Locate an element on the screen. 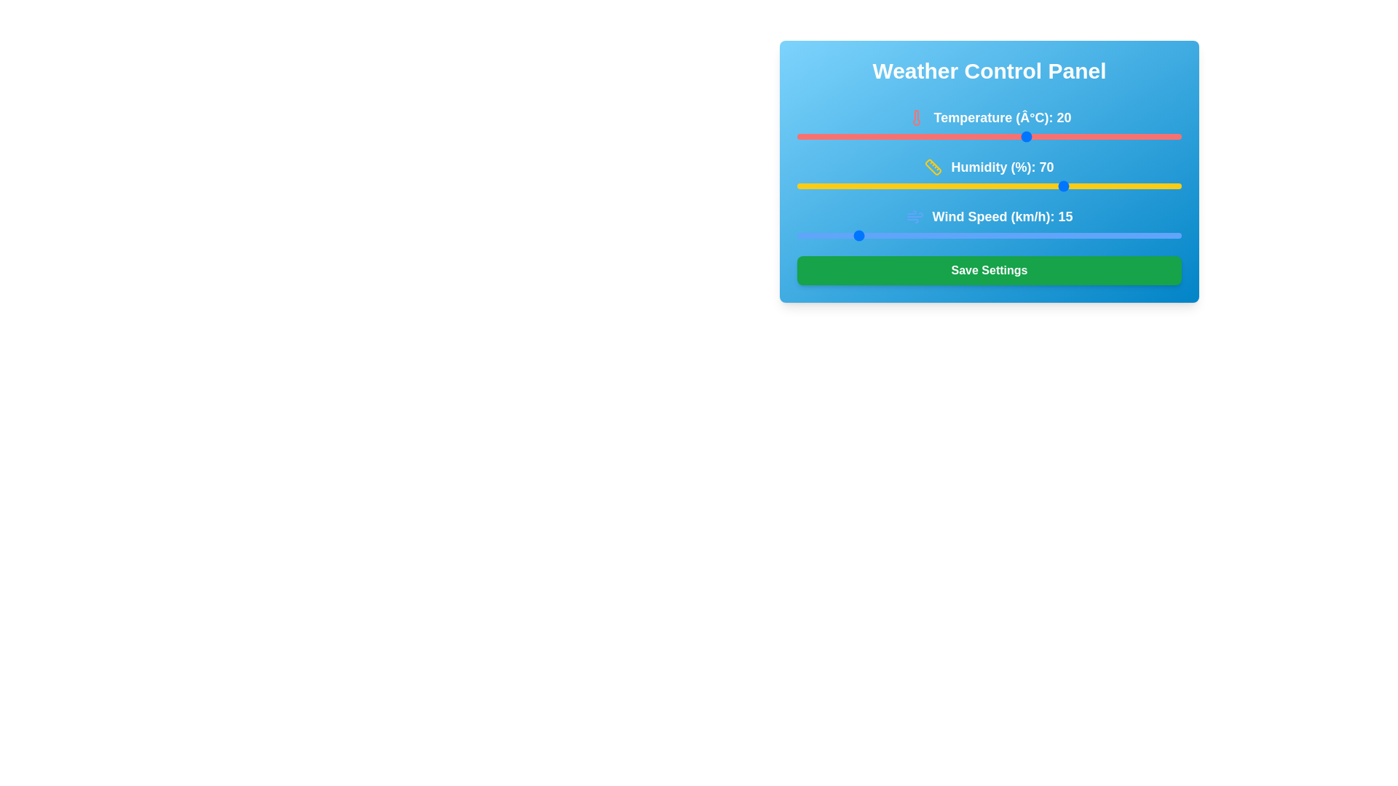 The image size is (1398, 786). the humidity slider is located at coordinates (958, 185).